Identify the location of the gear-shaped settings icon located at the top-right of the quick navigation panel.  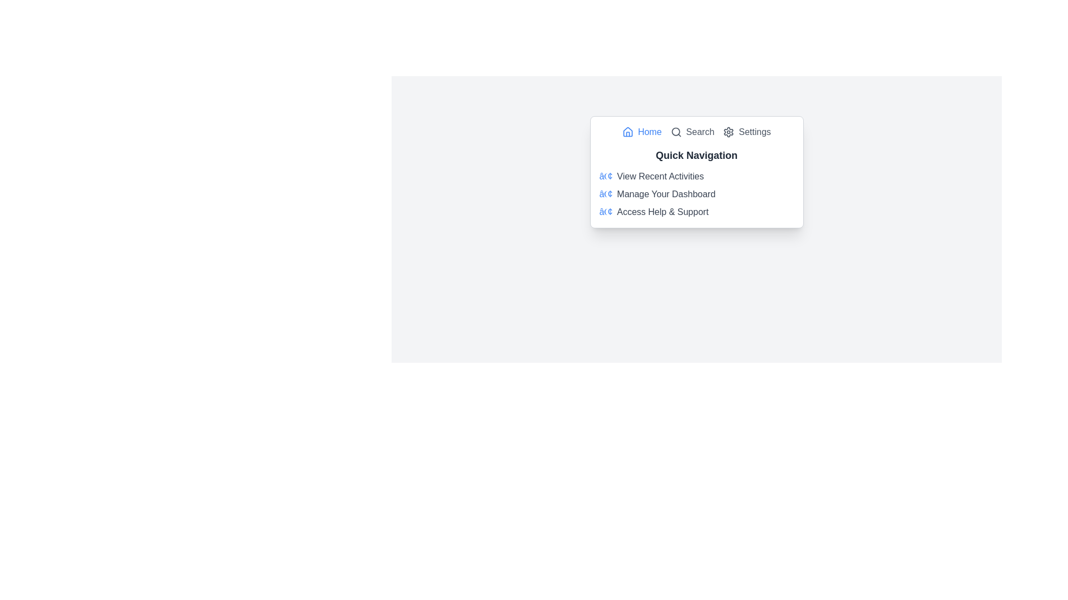
(729, 132).